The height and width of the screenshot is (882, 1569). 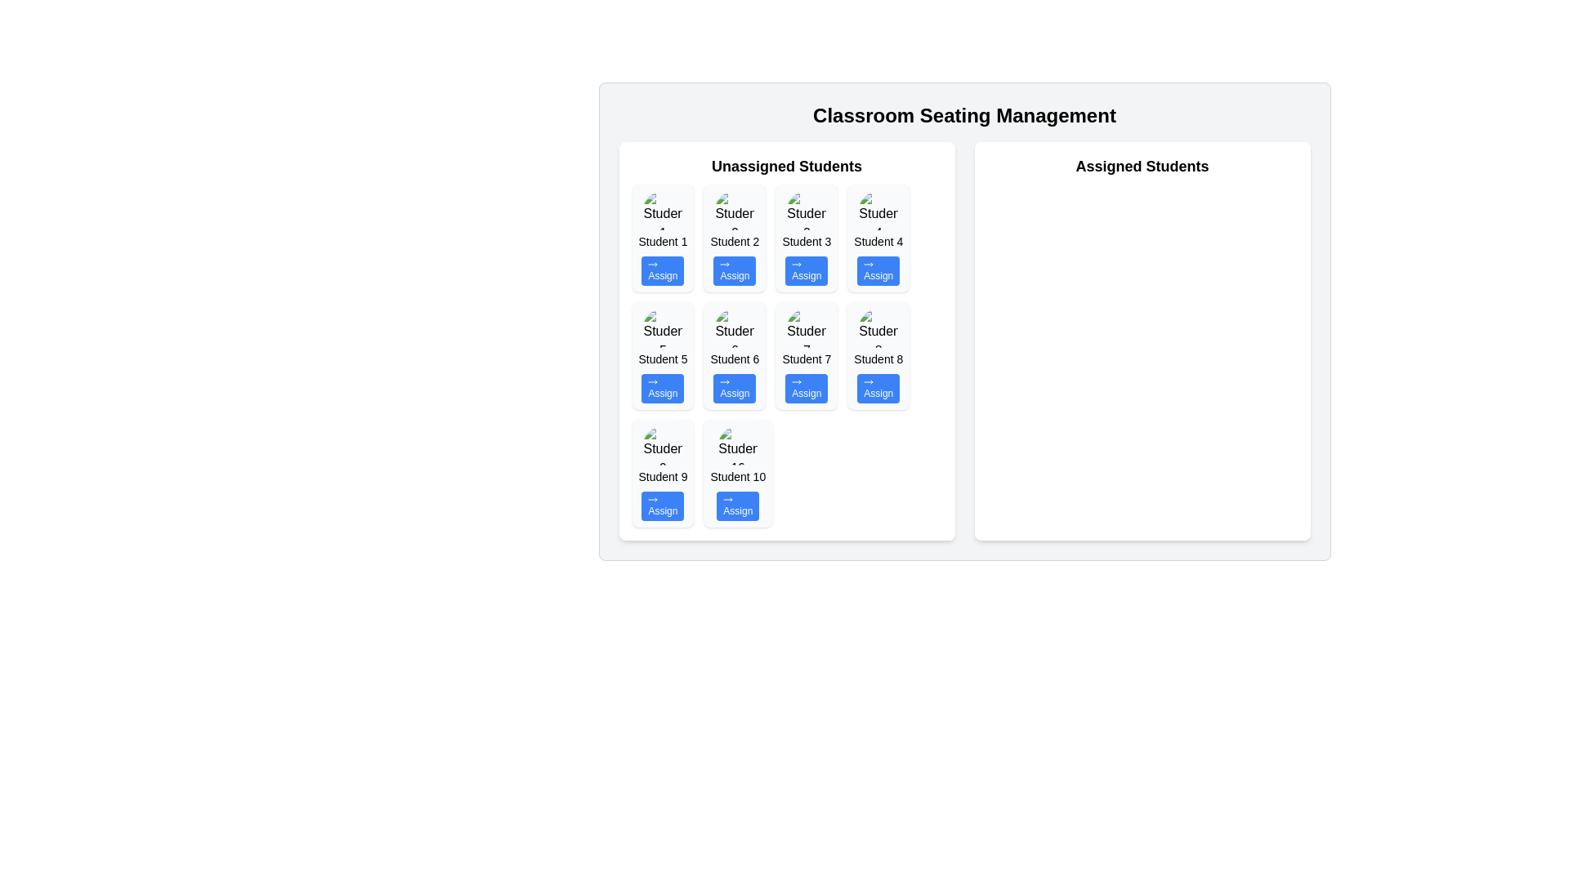 I want to click on the blue rectangular button labeled 'Assign' with a right arrow icon located under 'Student 6' in the 'Unassigned Students' section, so click(x=734, y=388).